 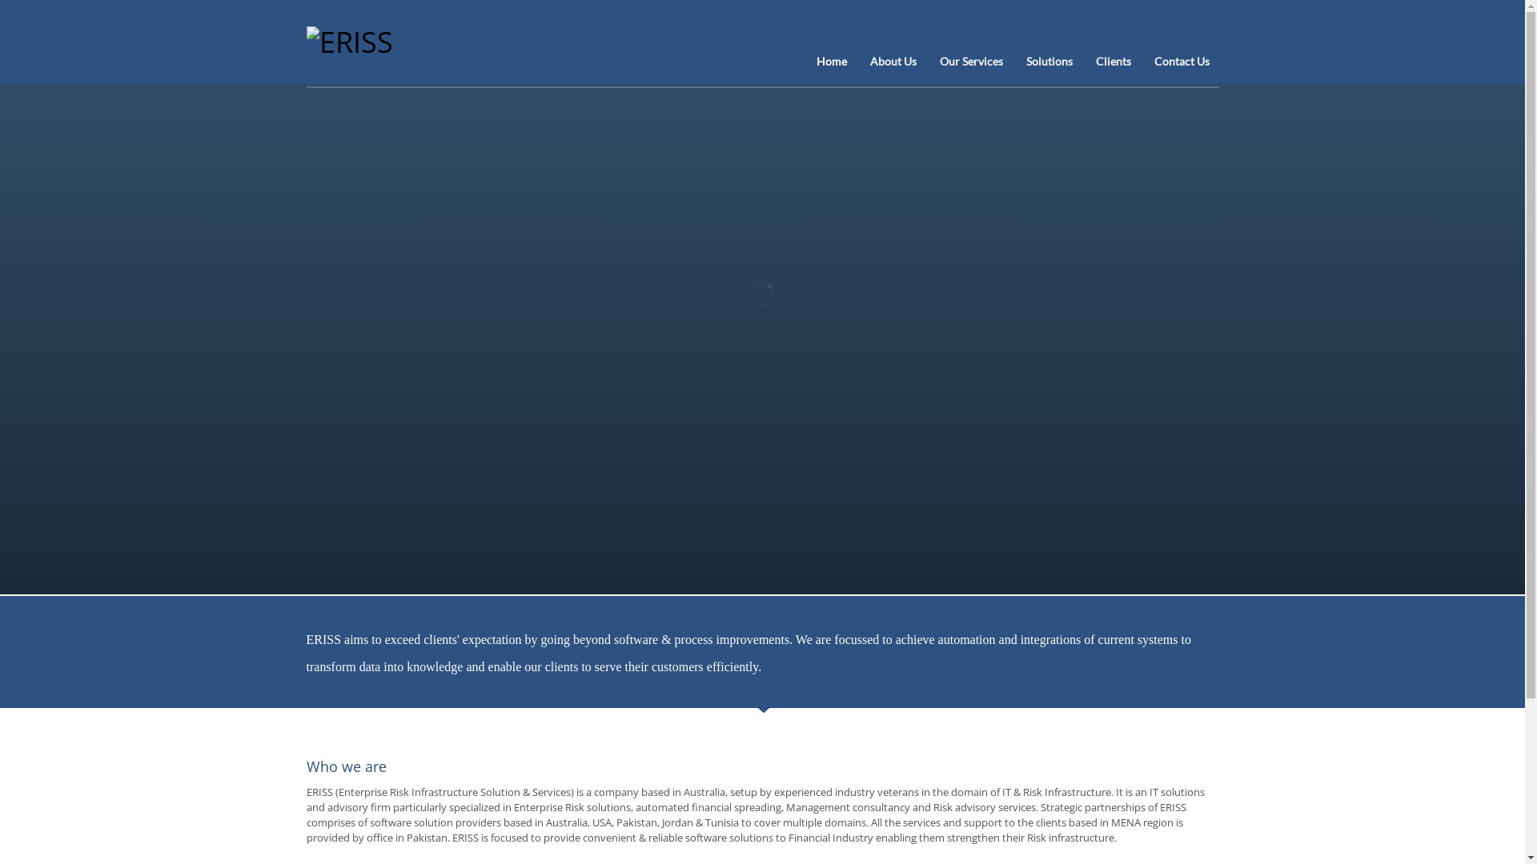 I want to click on 'Home', so click(x=831, y=61).